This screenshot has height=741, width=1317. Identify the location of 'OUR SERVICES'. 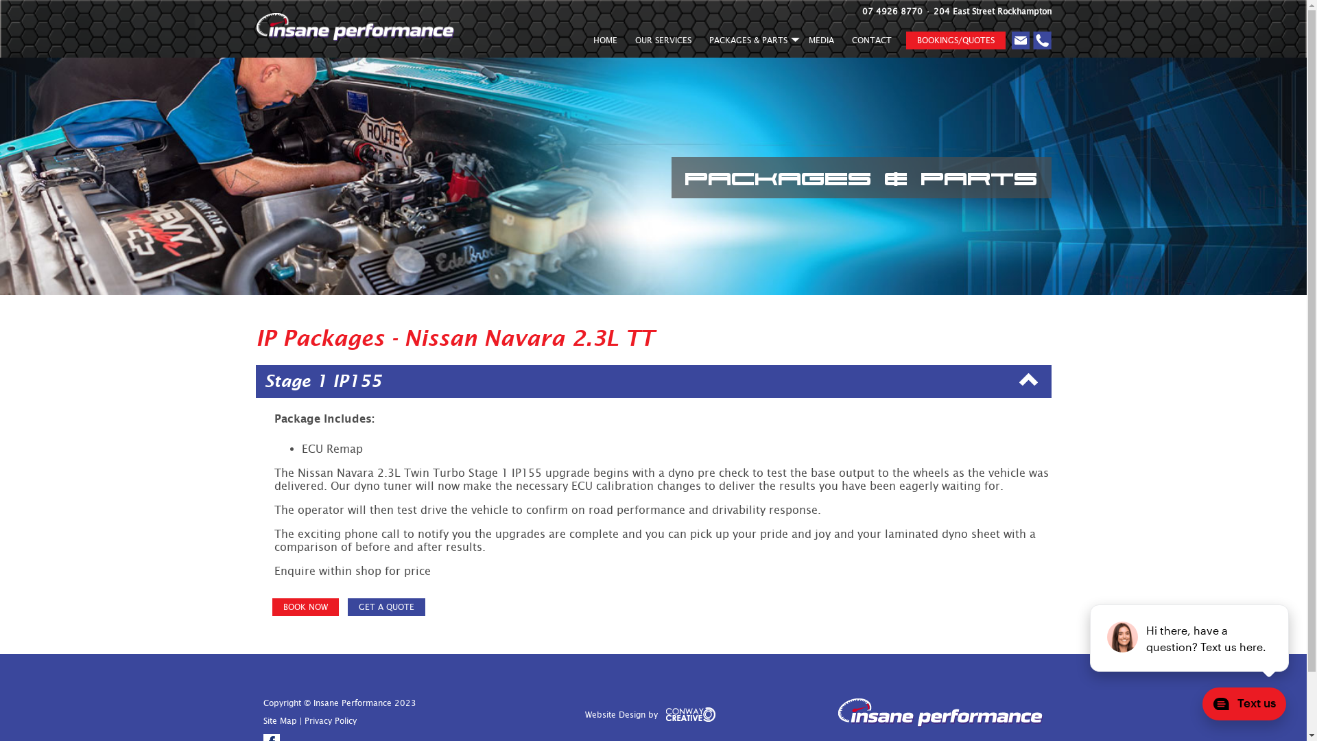
(662, 42).